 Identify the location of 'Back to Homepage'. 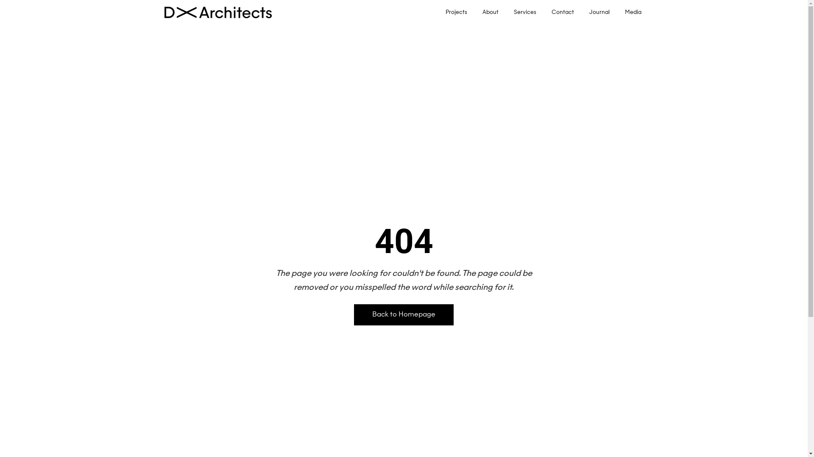
(403, 315).